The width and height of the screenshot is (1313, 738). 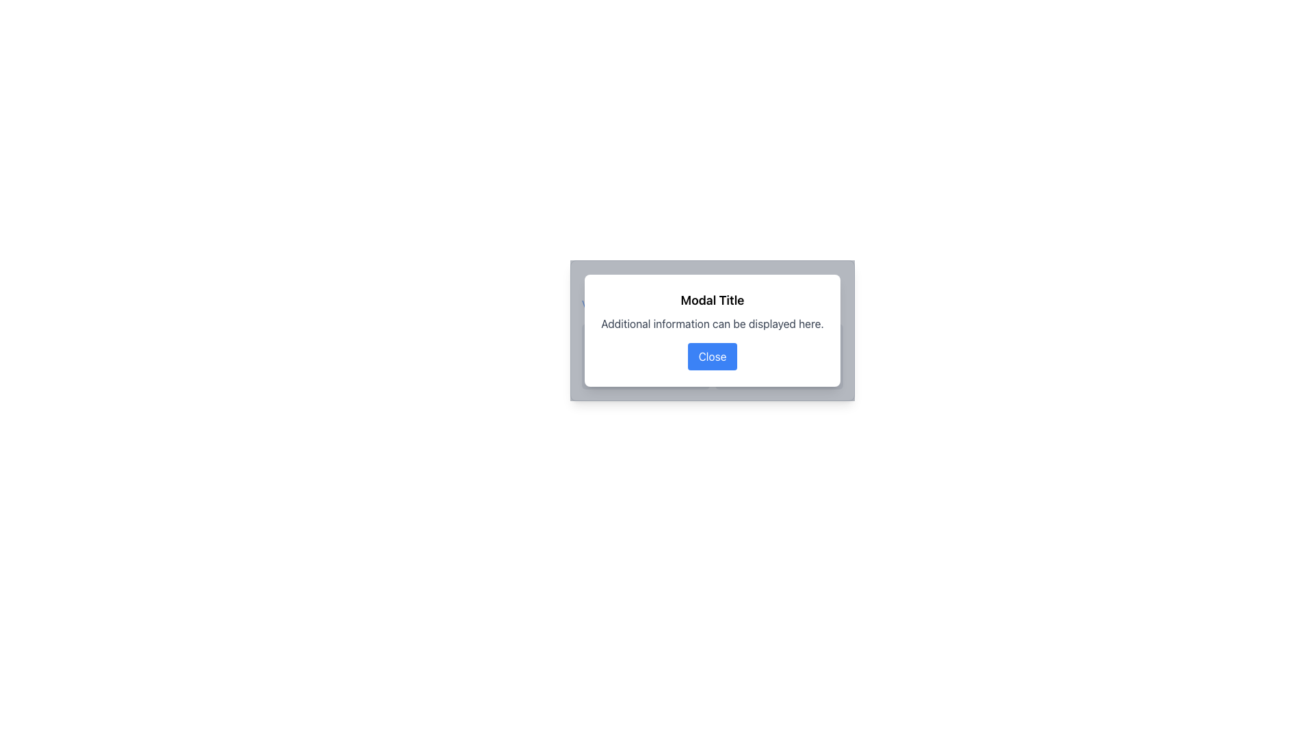 What do you see at coordinates (711, 324) in the screenshot?
I see `the text label displaying 'Additional information can be displayed here.' which is positioned beneath the 'Modal Title' and above the 'Close' button in the modal box` at bounding box center [711, 324].